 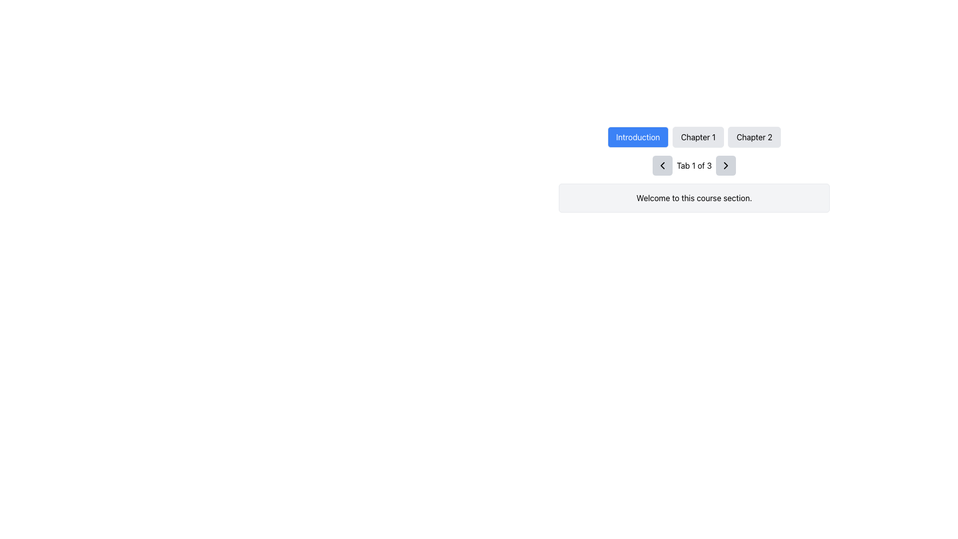 I want to click on the rounded rectangular button with a gray background and a rightward arrow icon, so click(x=725, y=165).